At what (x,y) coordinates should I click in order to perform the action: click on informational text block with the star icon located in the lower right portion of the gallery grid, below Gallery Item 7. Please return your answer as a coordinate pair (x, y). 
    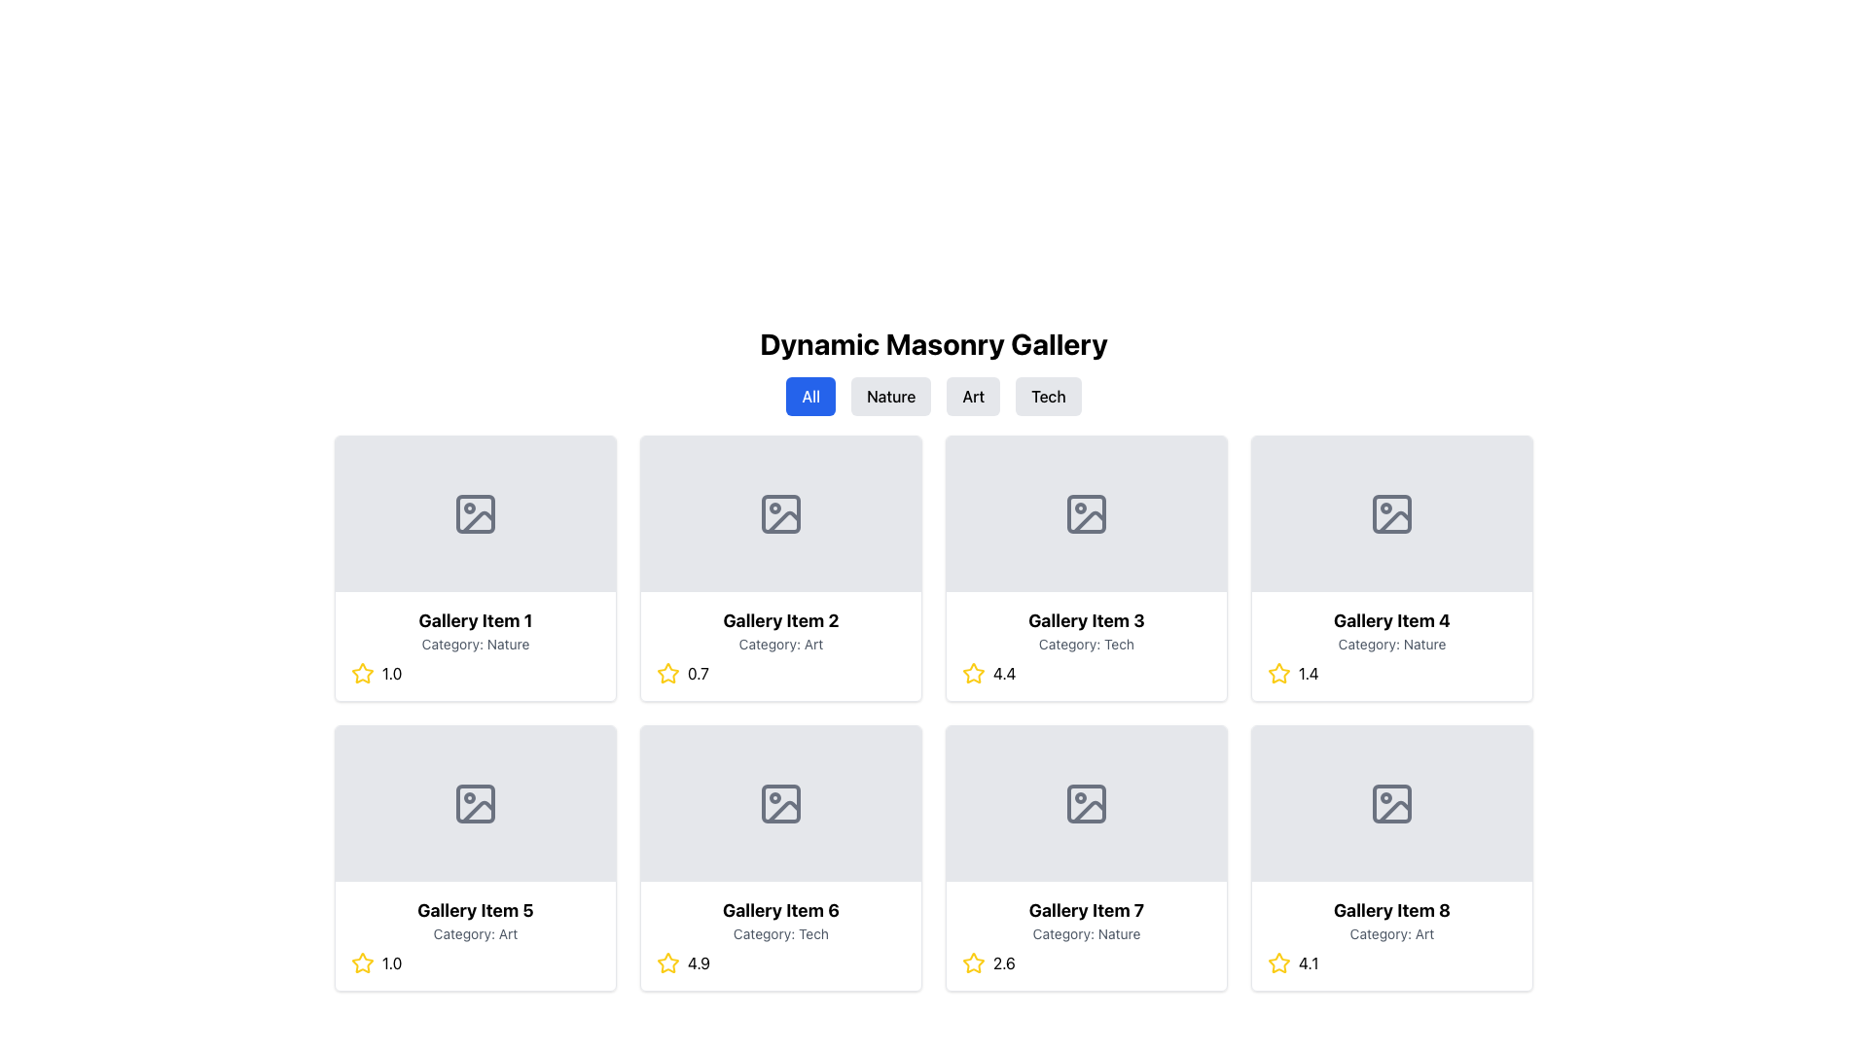
    Looking at the image, I should click on (1390, 935).